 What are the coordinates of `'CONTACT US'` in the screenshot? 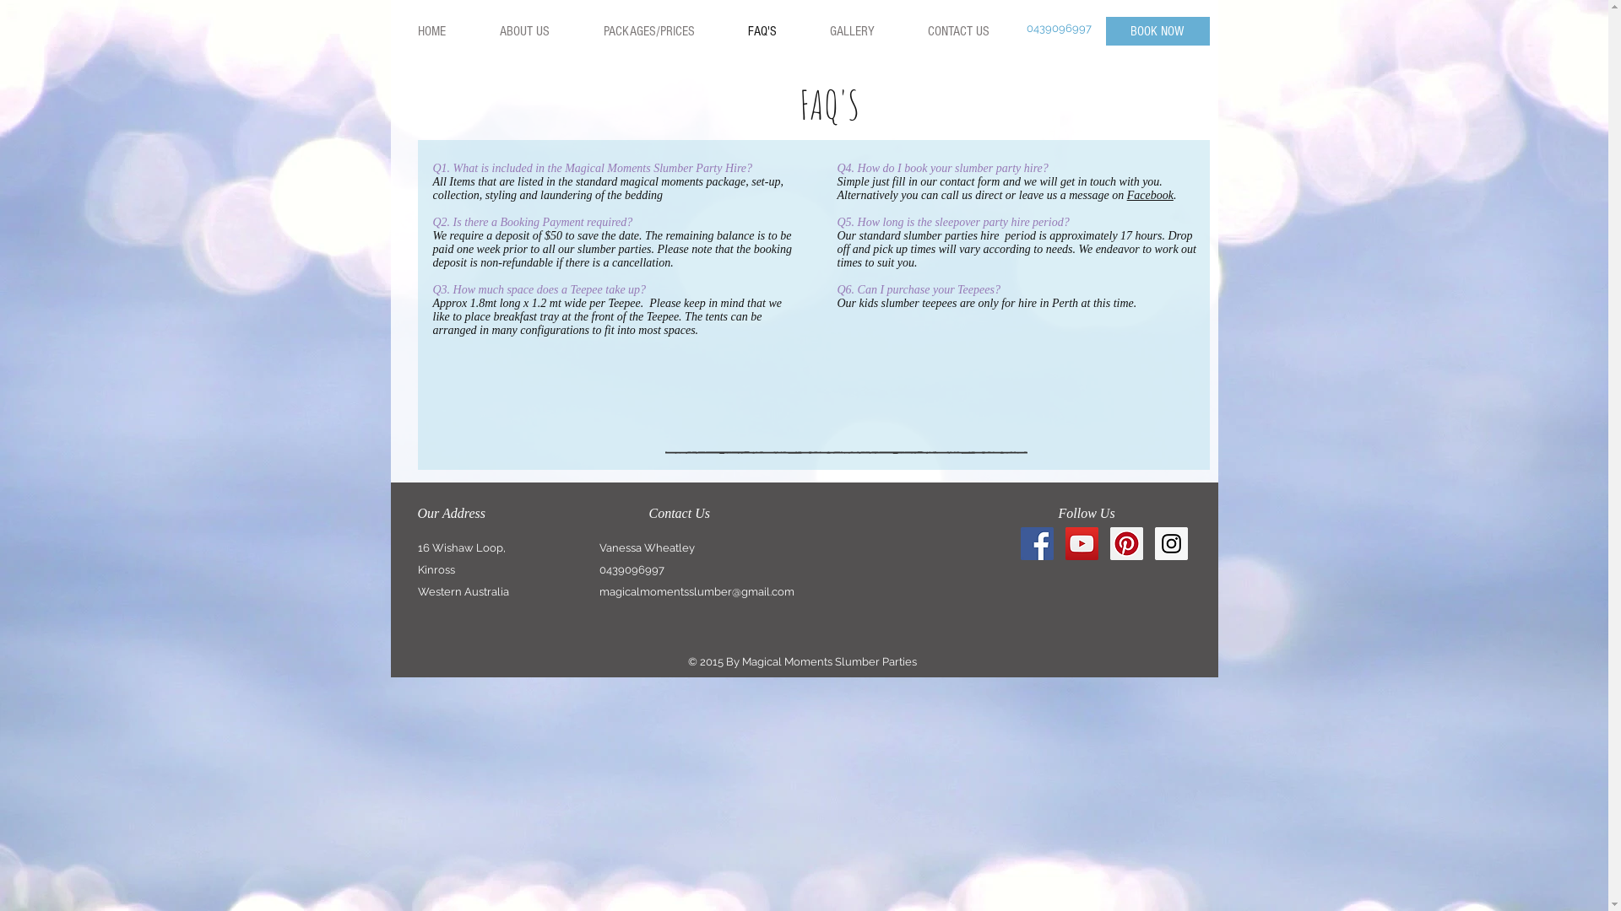 It's located at (957, 31).